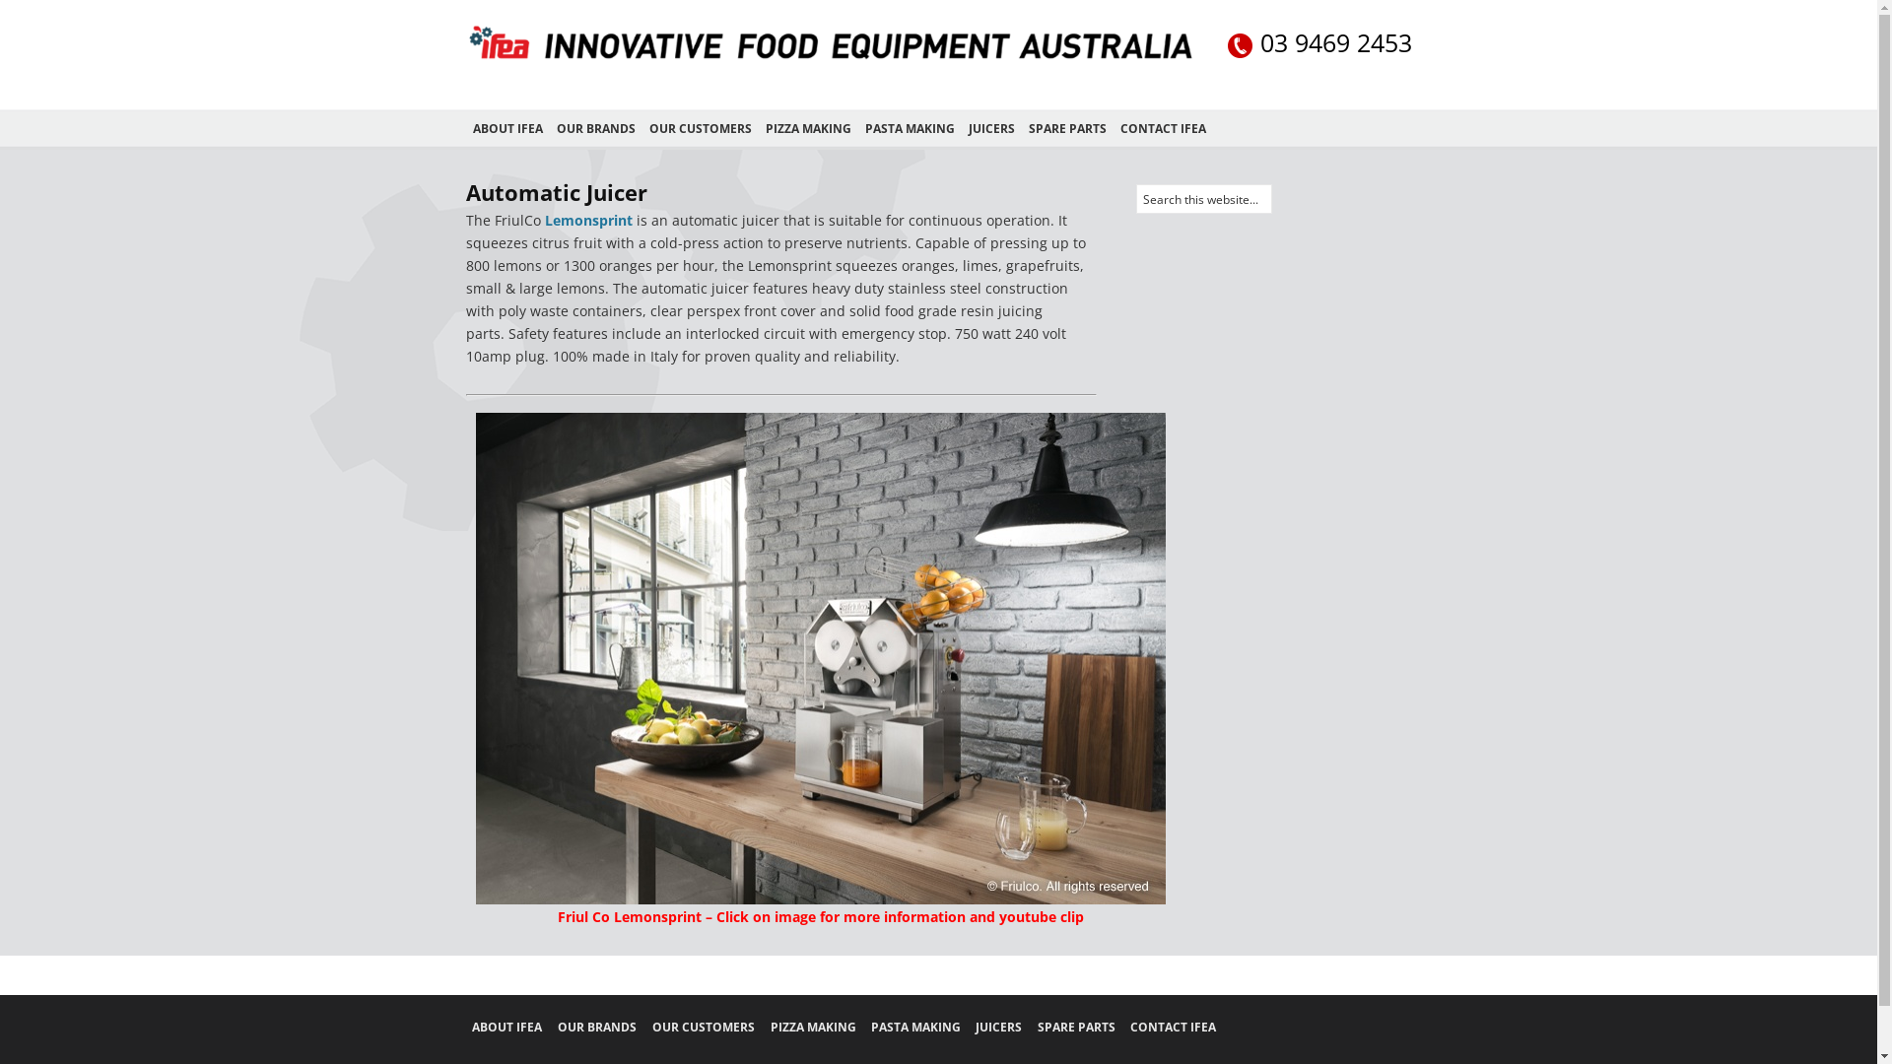 The height and width of the screenshot is (1064, 1892). I want to click on 'JUICERS', so click(991, 129).